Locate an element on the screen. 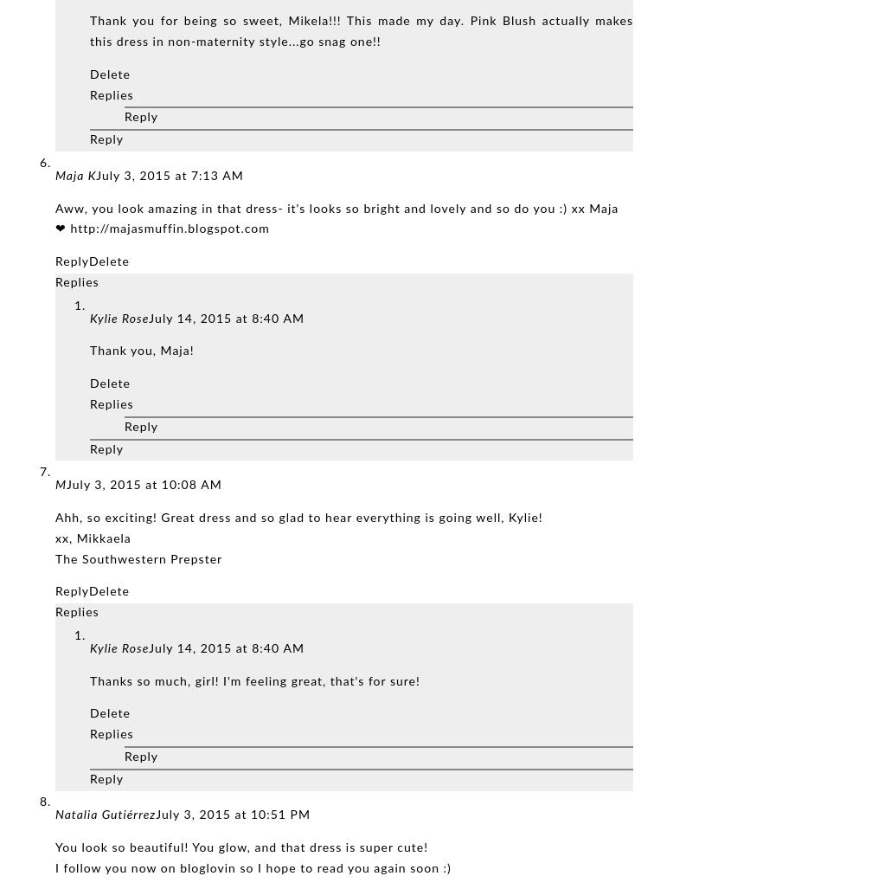  'Ahh, so exciting! Great dress and so glad to hear everything is going well, Kylie!' is located at coordinates (298, 518).